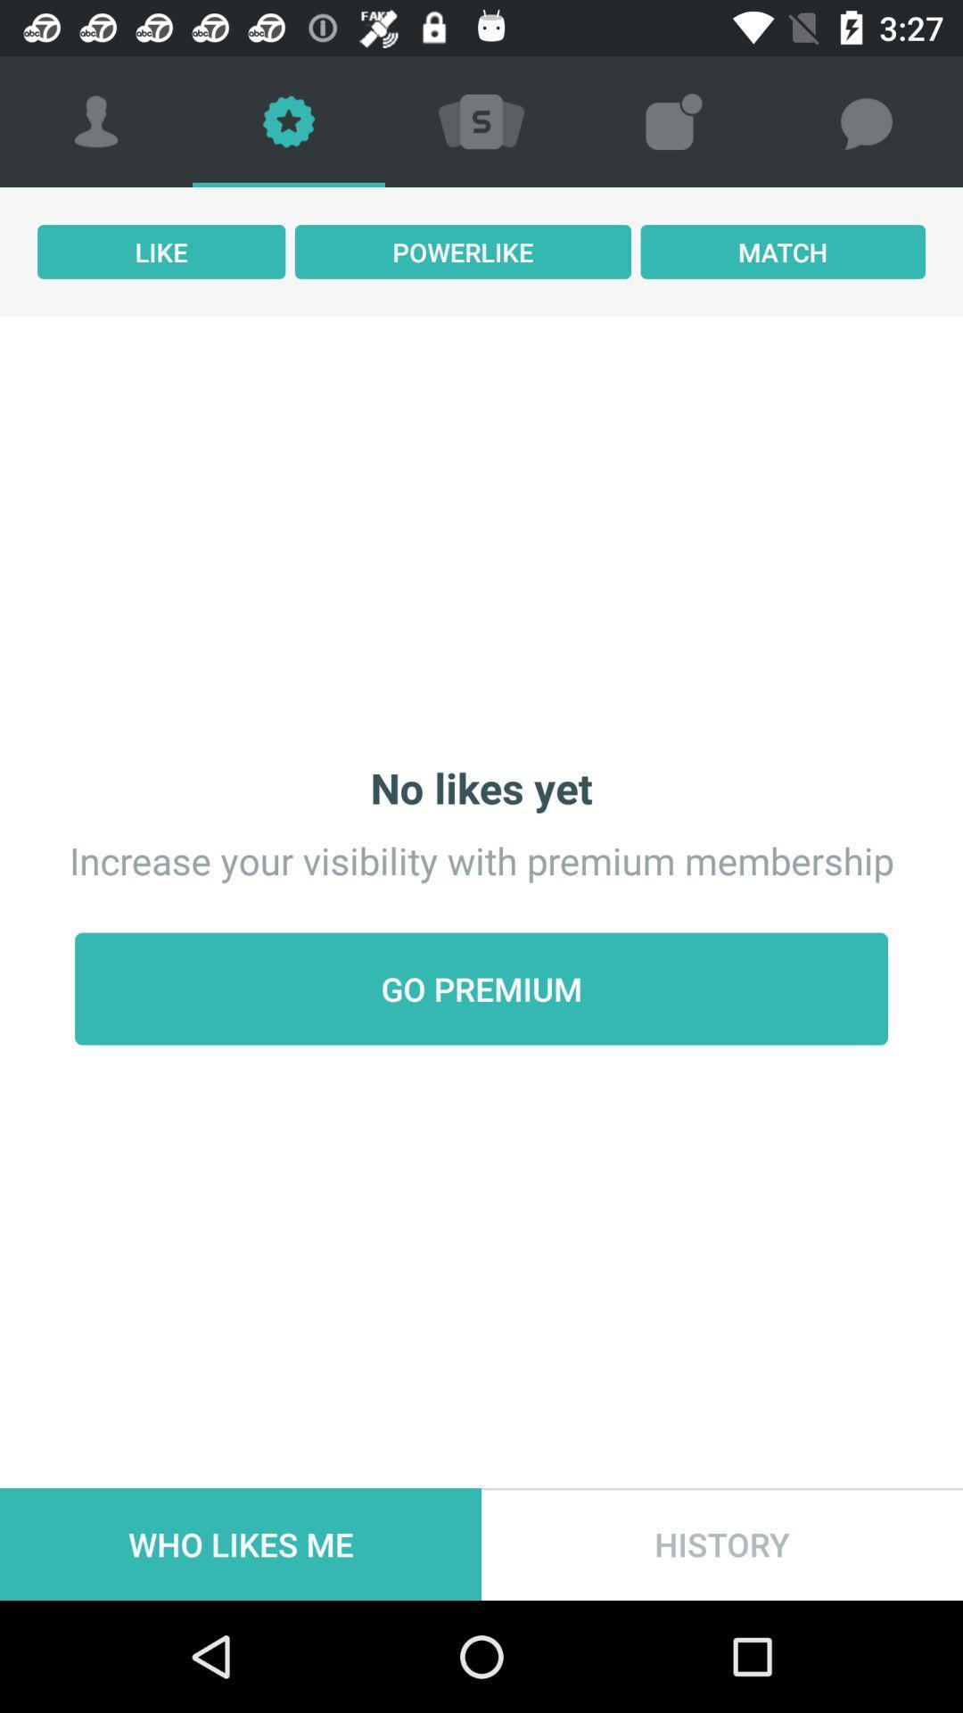  What do you see at coordinates (722, 1543) in the screenshot?
I see `history item` at bounding box center [722, 1543].